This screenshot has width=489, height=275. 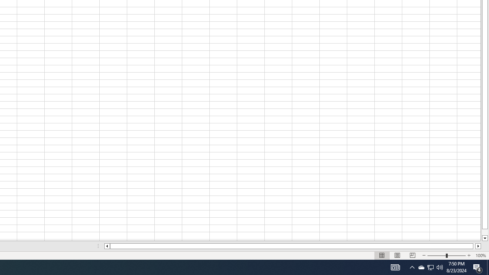 I want to click on 'Page Break Preview', so click(x=412, y=256).